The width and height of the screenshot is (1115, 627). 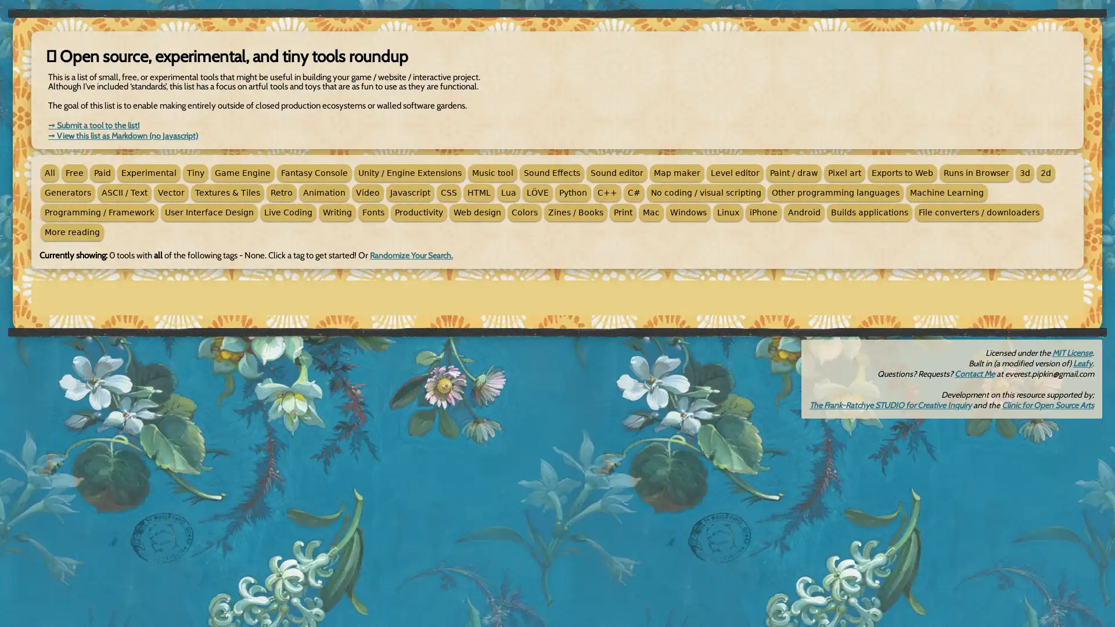 What do you see at coordinates (804, 212) in the screenshot?
I see `Android` at bounding box center [804, 212].